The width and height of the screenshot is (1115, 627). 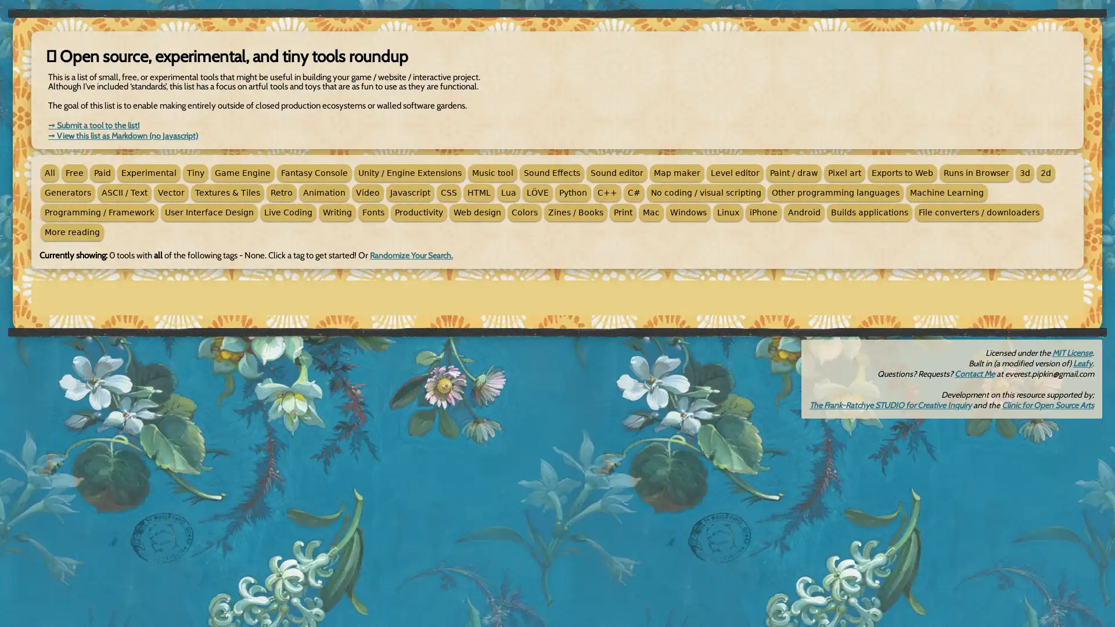 What do you see at coordinates (804, 212) in the screenshot?
I see `Android` at bounding box center [804, 212].